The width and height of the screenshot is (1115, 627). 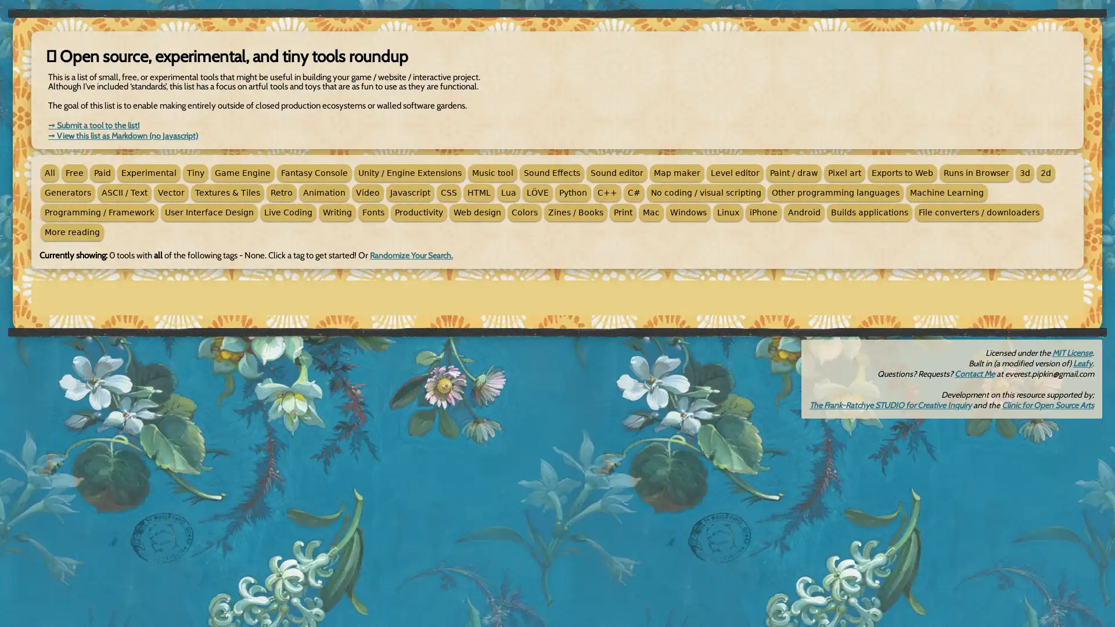 What do you see at coordinates (804, 212) in the screenshot?
I see `Android` at bounding box center [804, 212].